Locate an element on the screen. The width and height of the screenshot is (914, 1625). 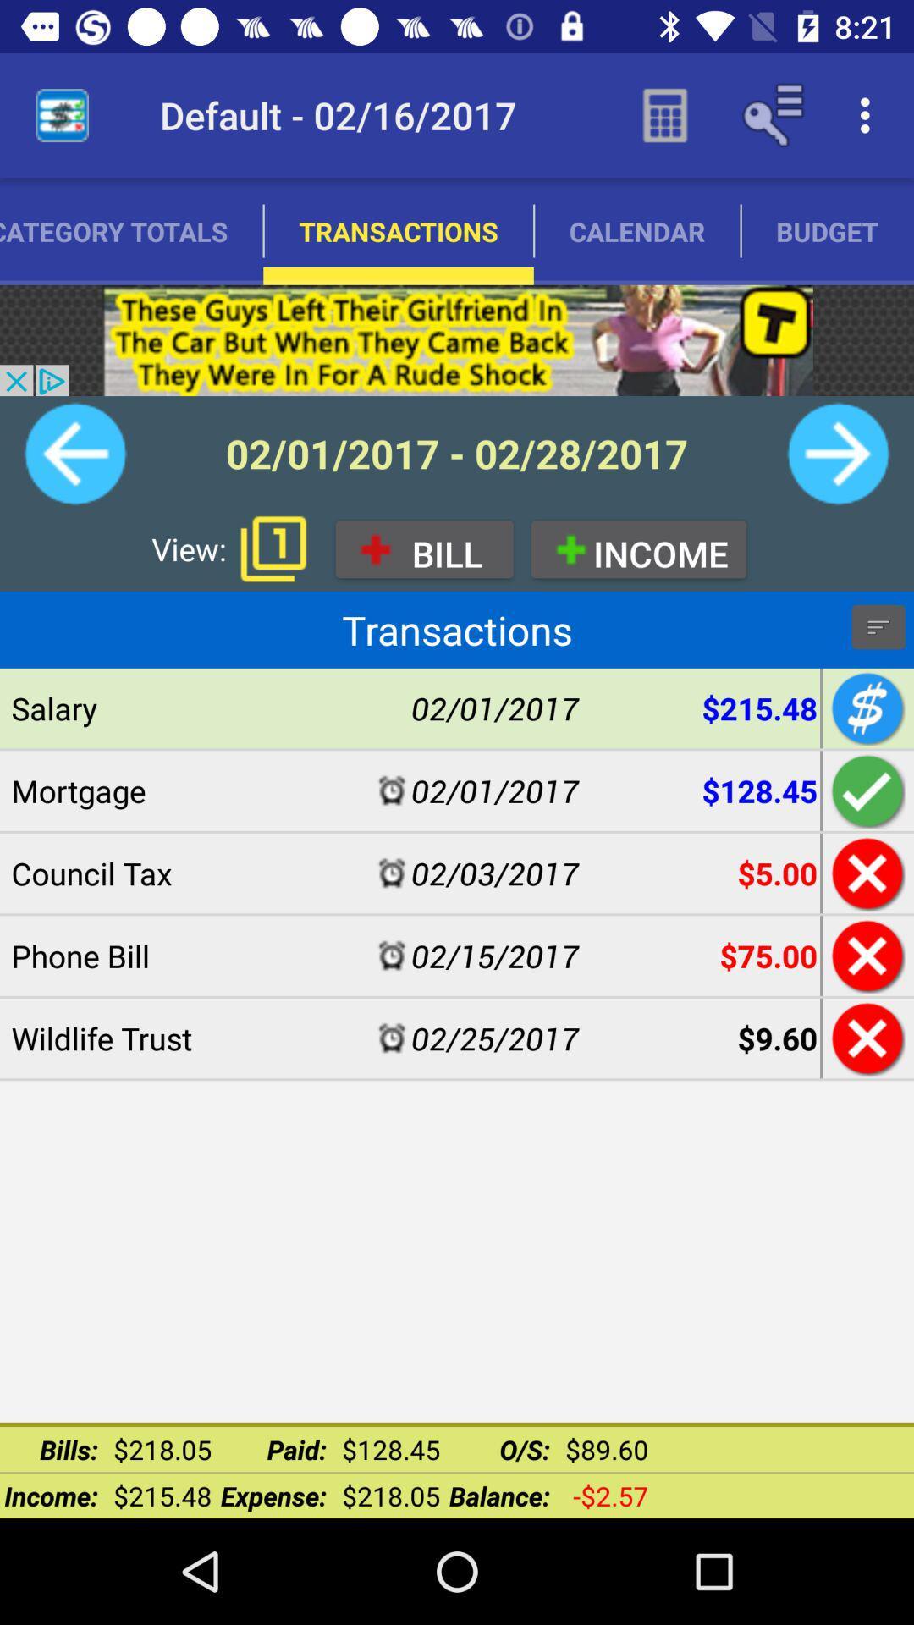
cancel is located at coordinates (865, 873).